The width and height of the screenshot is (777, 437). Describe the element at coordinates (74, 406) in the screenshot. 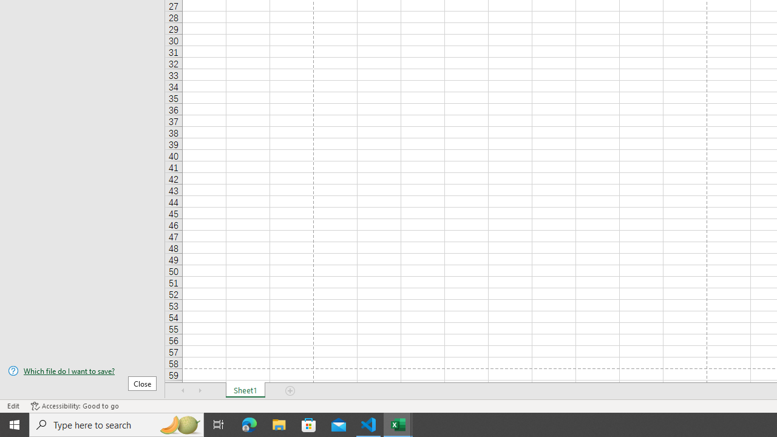

I see `'Accessibility Checker Accessibility: Good to go'` at that location.